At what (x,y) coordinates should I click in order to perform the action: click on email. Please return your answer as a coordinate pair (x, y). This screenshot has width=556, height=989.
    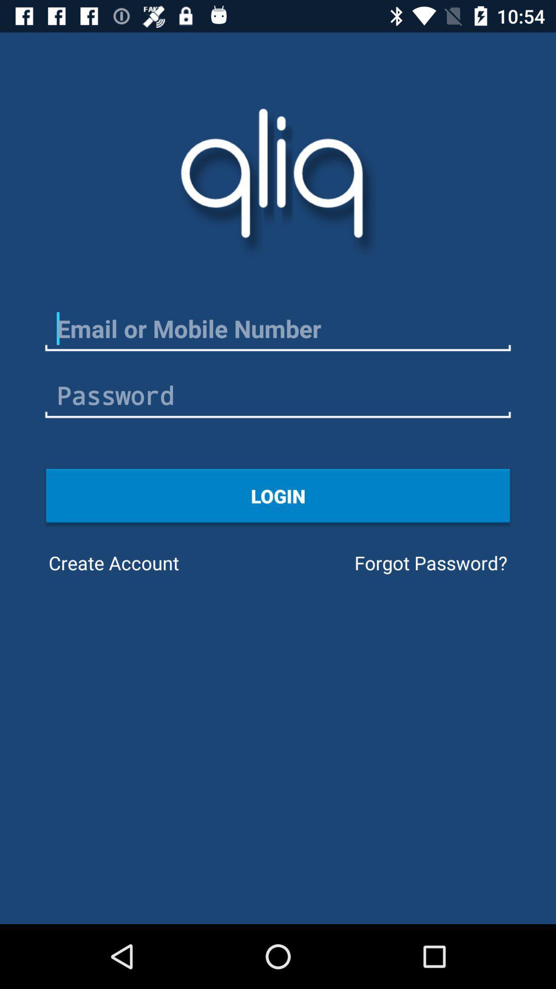
    Looking at the image, I should click on (278, 328).